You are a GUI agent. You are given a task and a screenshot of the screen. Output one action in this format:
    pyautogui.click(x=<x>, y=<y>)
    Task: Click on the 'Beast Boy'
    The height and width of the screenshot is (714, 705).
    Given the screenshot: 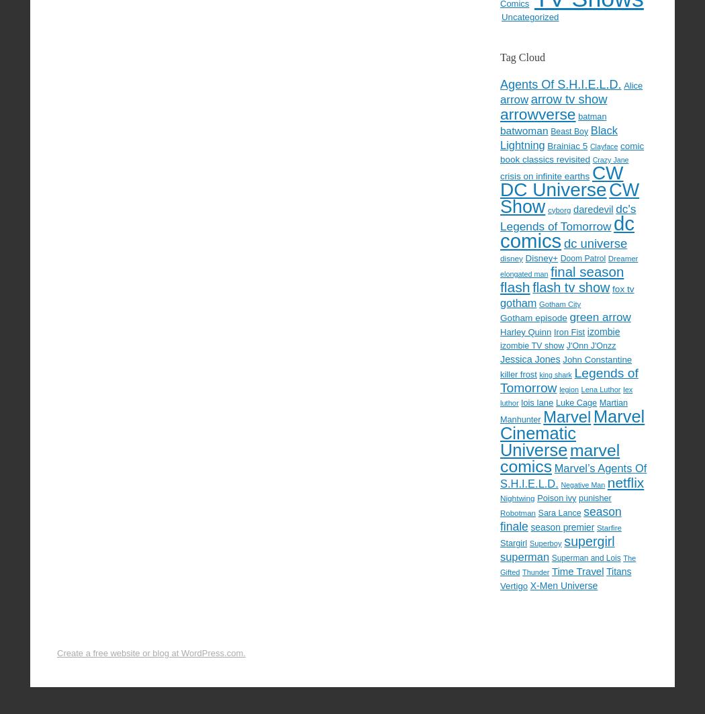 What is the action you would take?
    pyautogui.click(x=569, y=130)
    